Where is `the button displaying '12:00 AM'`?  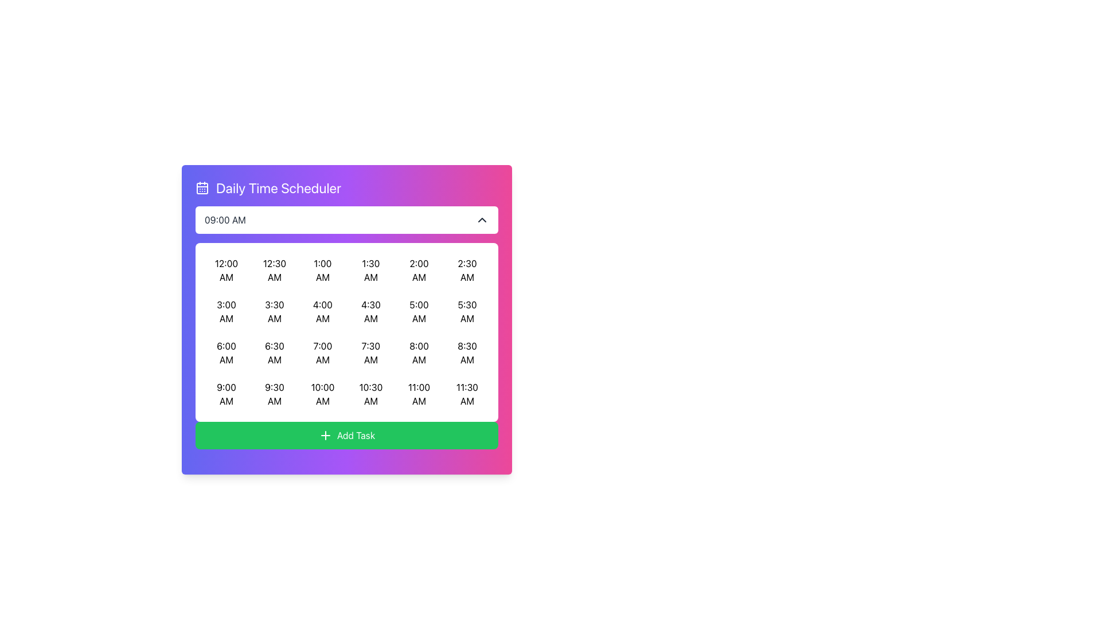
the button displaying '12:00 AM' is located at coordinates (226, 270).